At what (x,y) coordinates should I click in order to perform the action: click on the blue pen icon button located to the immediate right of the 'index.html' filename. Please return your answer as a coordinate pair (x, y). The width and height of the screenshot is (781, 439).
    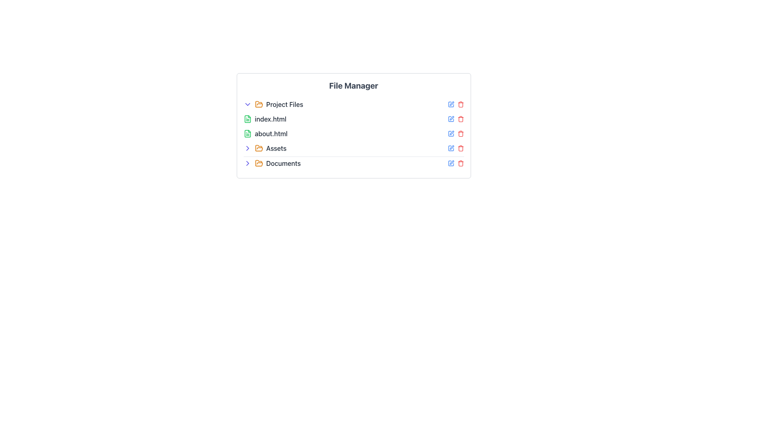
    Looking at the image, I should click on (450, 119).